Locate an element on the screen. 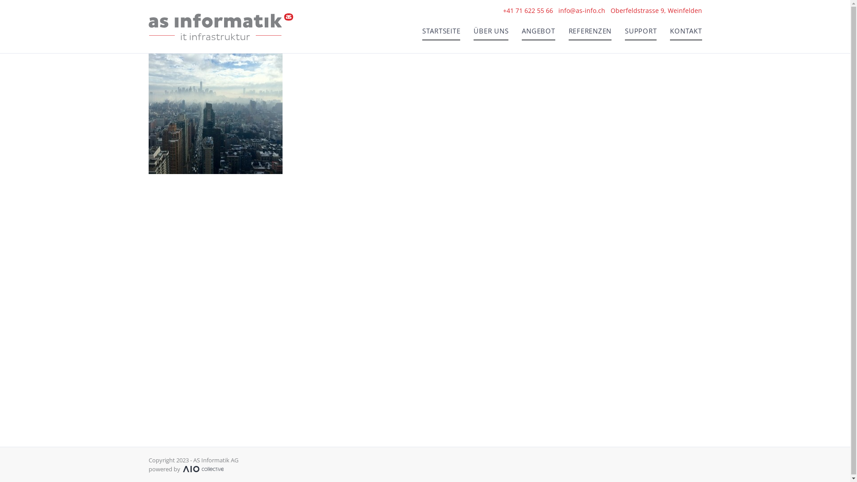 This screenshot has width=857, height=482. 'KONTAKT' is located at coordinates (670, 33).